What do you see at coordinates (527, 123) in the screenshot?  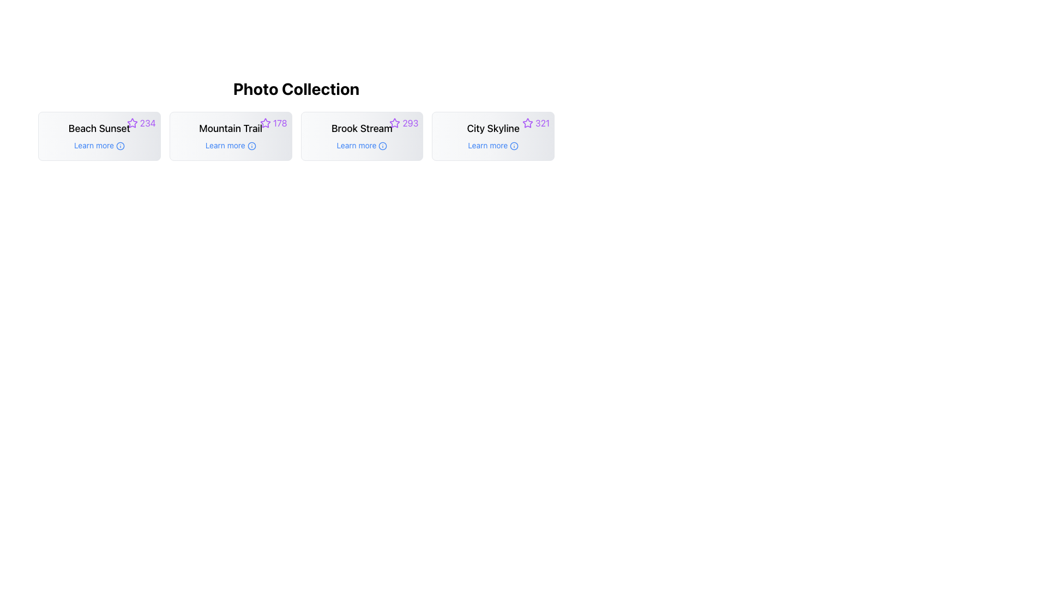 I see `the star icon used for ratings located in the top-right corner of the widget for the 'City Skyline' photo collection` at bounding box center [527, 123].